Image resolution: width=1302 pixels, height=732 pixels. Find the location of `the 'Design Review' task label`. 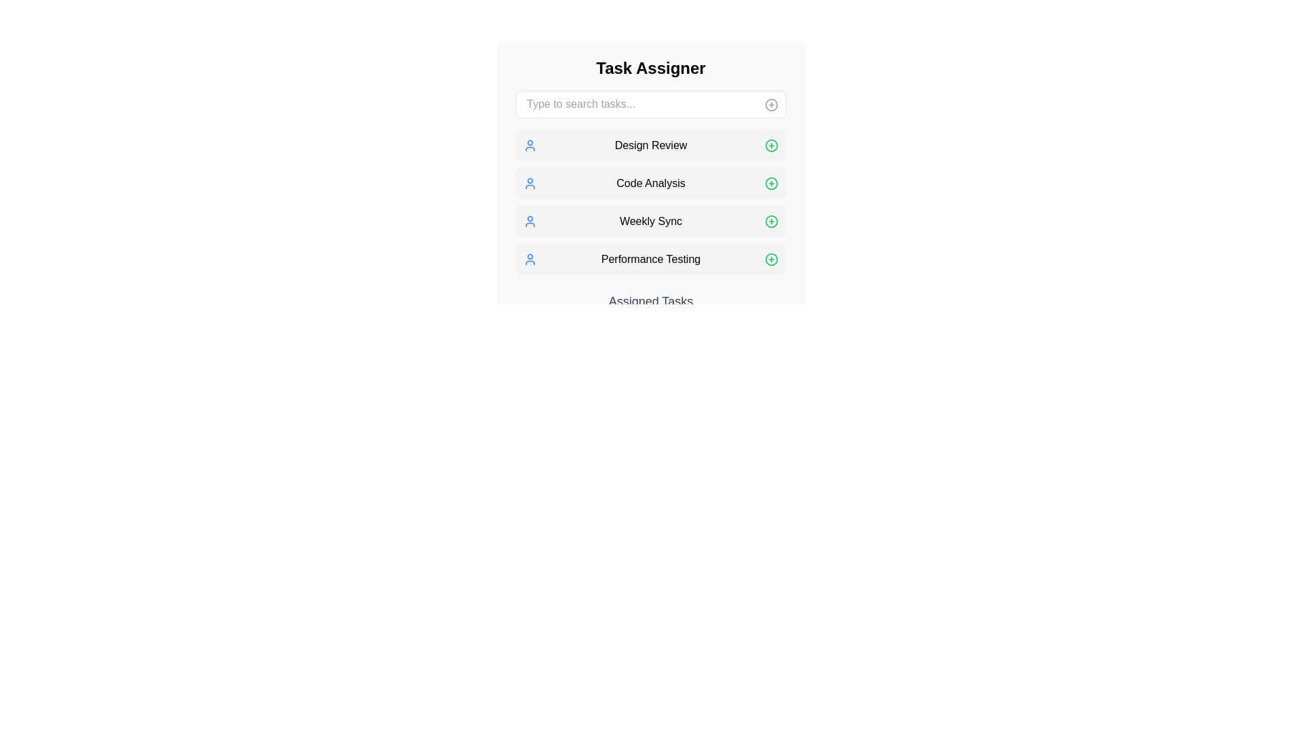

the 'Design Review' task label is located at coordinates (651, 146).